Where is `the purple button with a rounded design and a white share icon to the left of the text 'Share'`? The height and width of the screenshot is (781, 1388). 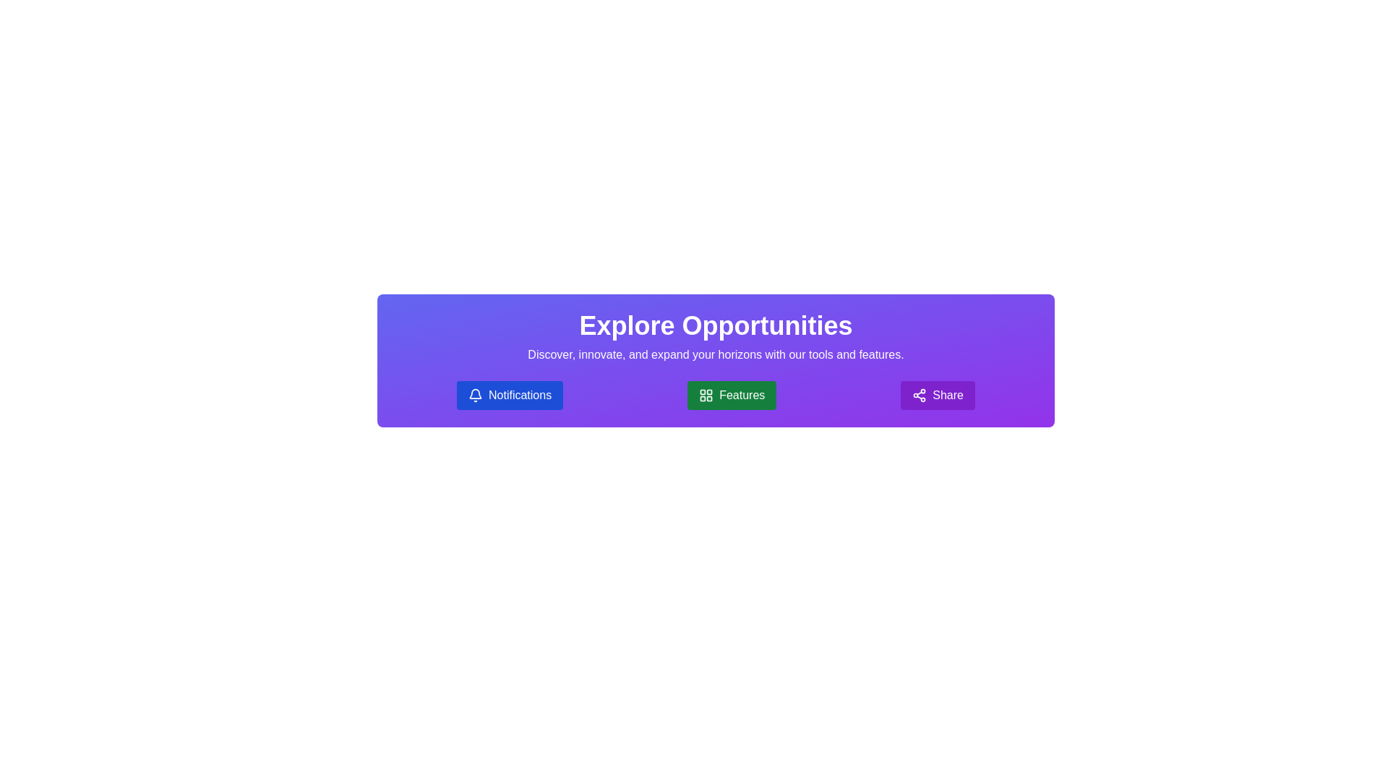
the purple button with a rounded design and a white share icon to the left of the text 'Share' is located at coordinates (938, 396).